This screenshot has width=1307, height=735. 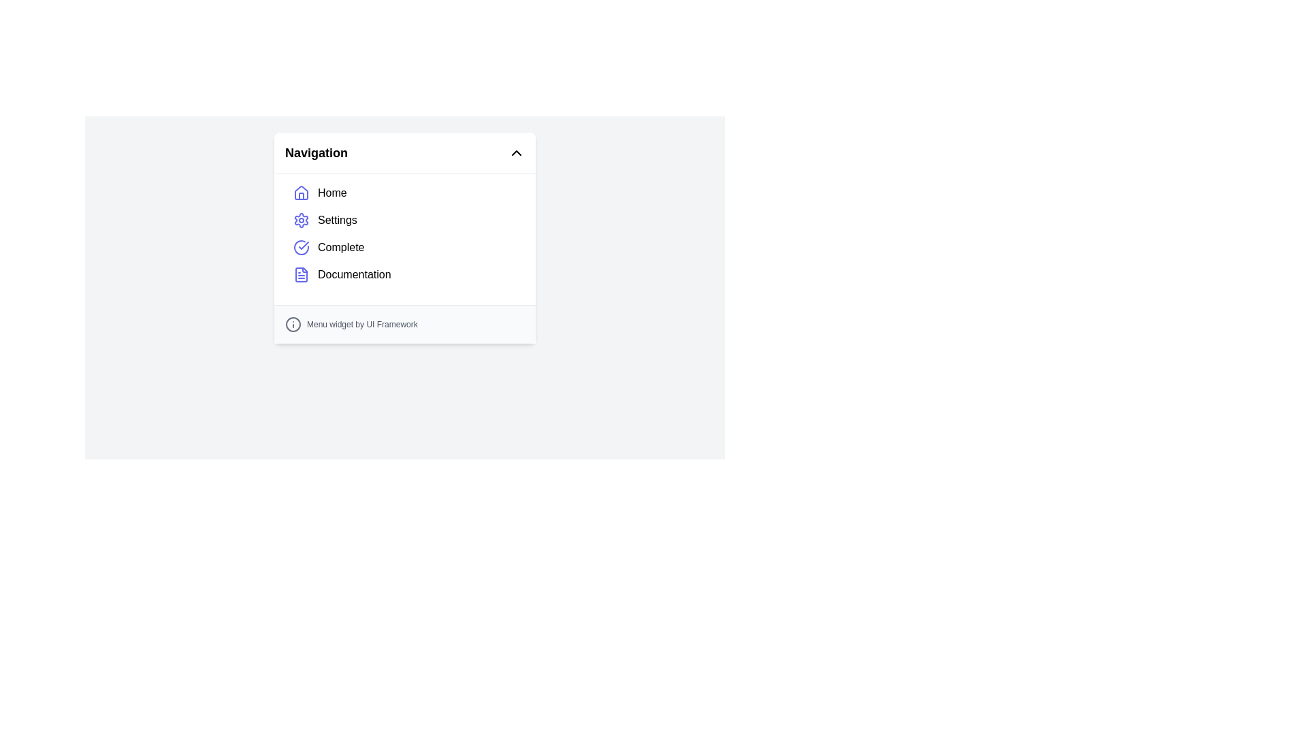 I want to click on the upper circular part of the SVG icon representing the 'Complete' menu item in the navigation menu, so click(x=300, y=247).